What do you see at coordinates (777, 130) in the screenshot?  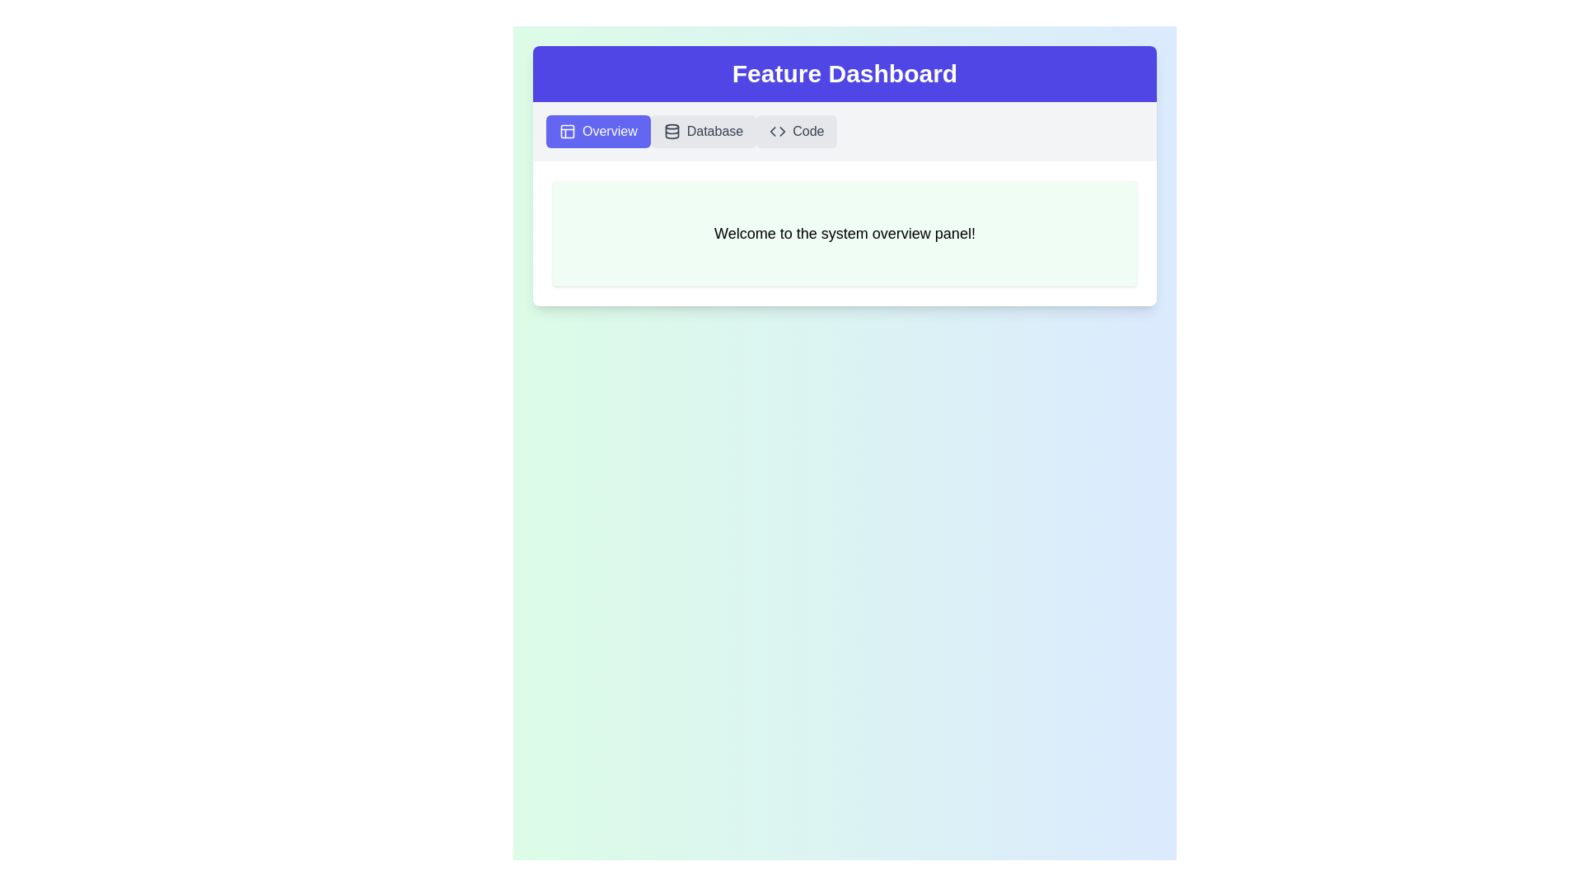 I see `the 'Code' button in the navigation bar` at bounding box center [777, 130].